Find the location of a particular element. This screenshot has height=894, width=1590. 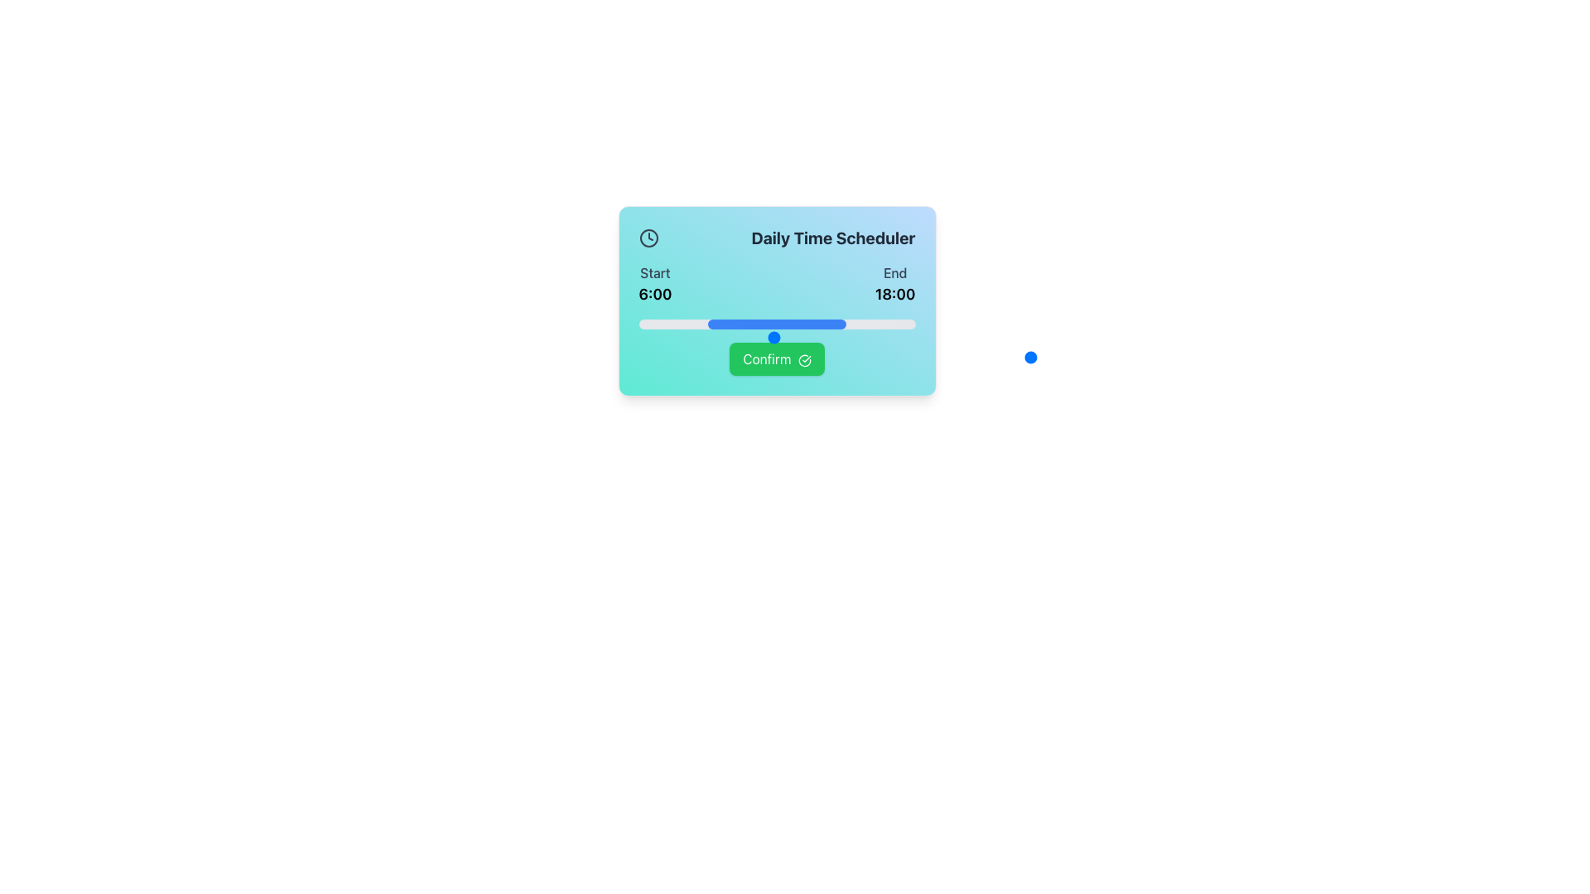

time is located at coordinates (682, 357).